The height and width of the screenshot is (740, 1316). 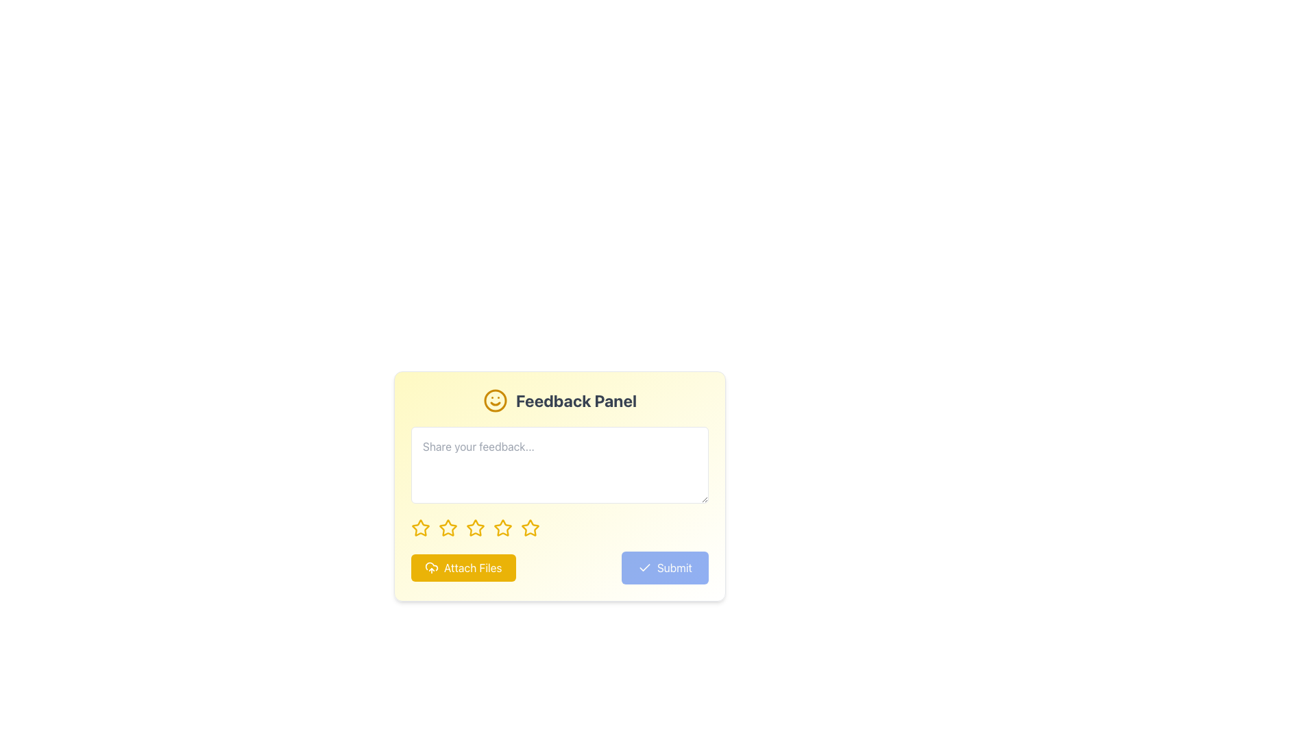 What do you see at coordinates (430, 568) in the screenshot?
I see `the 'Attach Files' button, which includes a Cloud Upload icon, located in the bottom-left corner of the feedback panel` at bounding box center [430, 568].